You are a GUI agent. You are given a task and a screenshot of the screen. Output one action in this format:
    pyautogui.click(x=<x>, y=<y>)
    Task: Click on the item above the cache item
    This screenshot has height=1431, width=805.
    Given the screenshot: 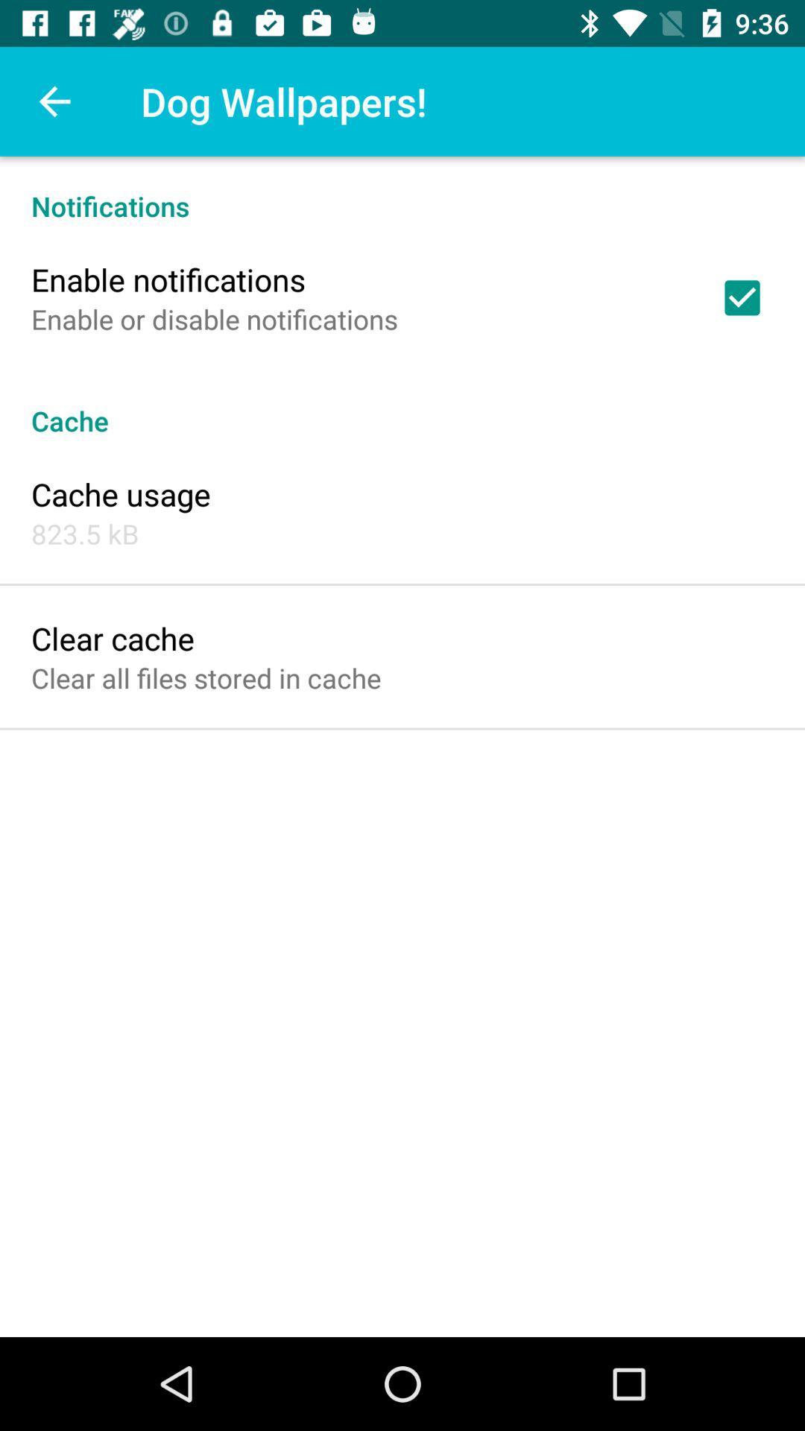 What is the action you would take?
    pyautogui.click(x=215, y=318)
    